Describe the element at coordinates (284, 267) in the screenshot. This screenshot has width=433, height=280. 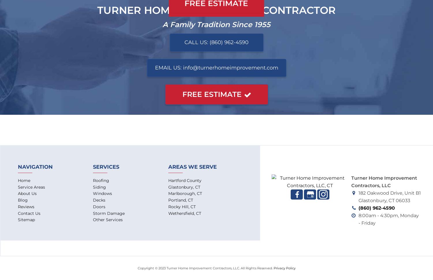
I see `'Privacy Policy'` at that location.